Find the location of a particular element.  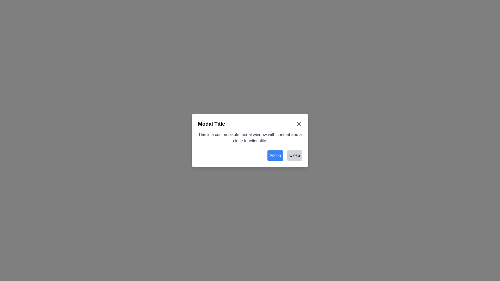

the descriptive text block that provides information about the modal's purpose, located below the title and above the action buttons is located at coordinates (250, 137).